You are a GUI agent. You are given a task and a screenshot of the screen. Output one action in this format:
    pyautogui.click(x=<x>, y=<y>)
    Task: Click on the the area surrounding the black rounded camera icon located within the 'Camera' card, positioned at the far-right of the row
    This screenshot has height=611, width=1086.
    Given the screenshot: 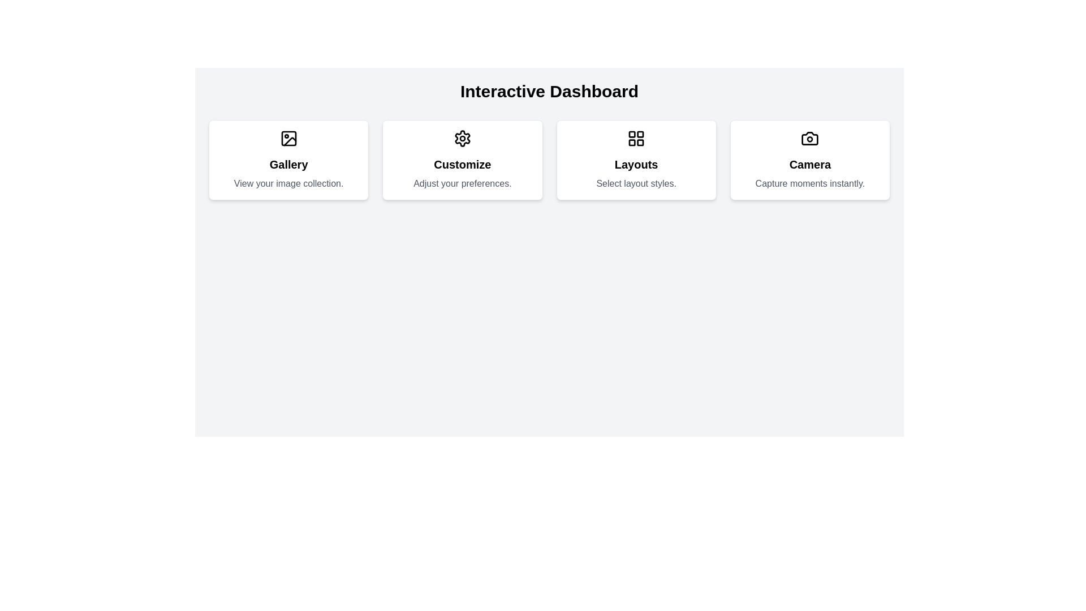 What is the action you would take?
    pyautogui.click(x=809, y=138)
    